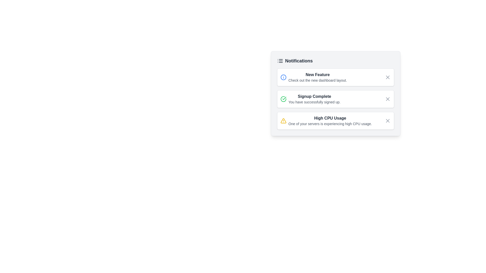 This screenshot has height=273, width=486. Describe the element at coordinates (387, 77) in the screenshot. I see `the close icon, which is a diagonal cross located in the top-right corner of the 'New Feature' notification card` at that location.